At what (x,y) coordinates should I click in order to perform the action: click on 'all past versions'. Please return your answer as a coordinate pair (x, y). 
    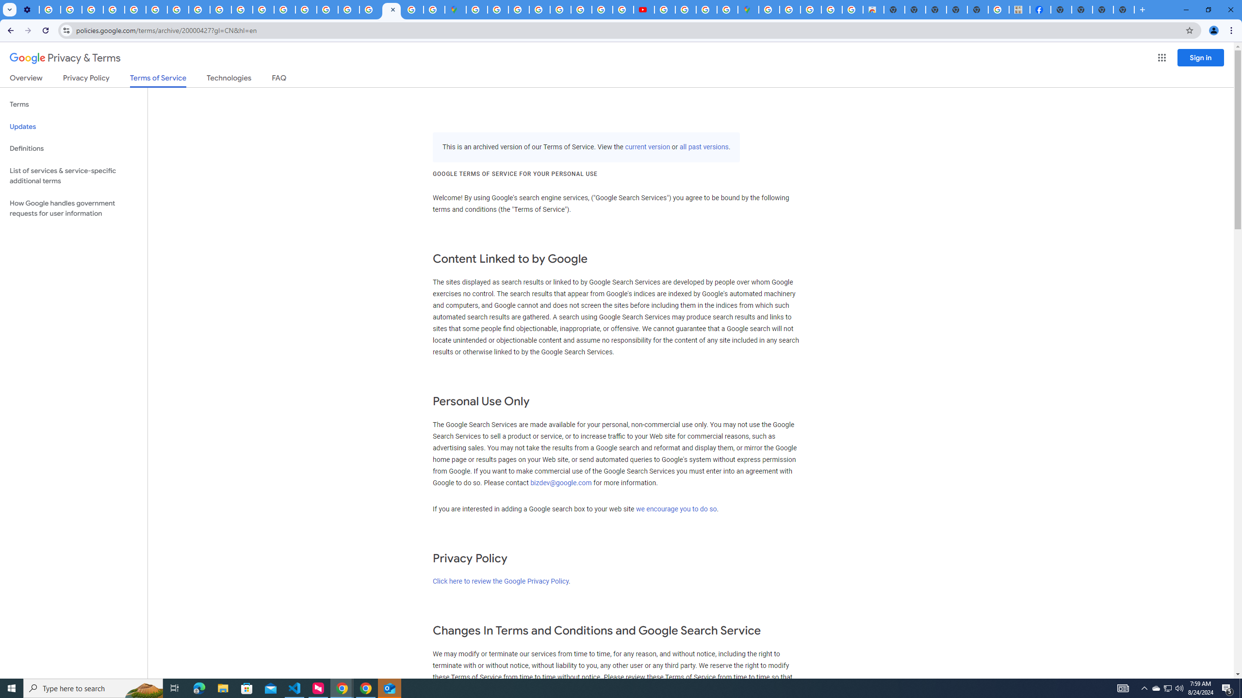
    Looking at the image, I should click on (704, 146).